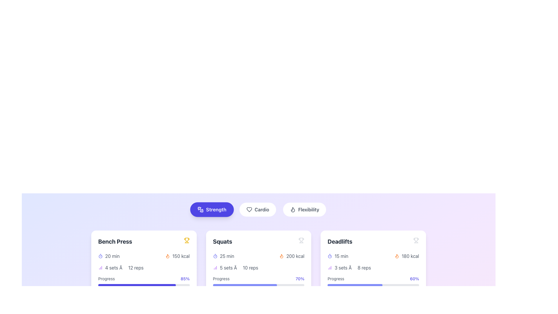  What do you see at coordinates (215, 256) in the screenshot?
I see `the circular timer icon located leftmost in the second card titled 'Squats'` at bounding box center [215, 256].